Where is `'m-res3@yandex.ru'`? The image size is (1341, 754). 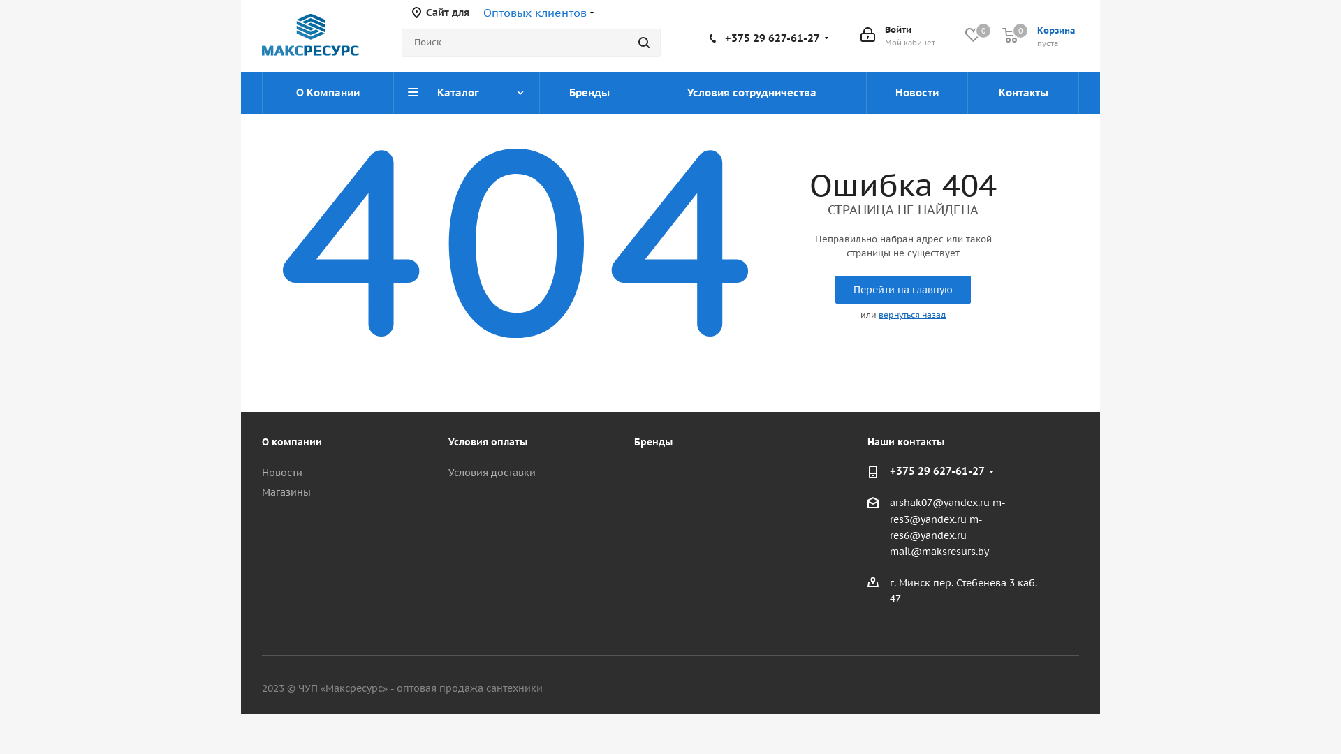
'm-res3@yandex.ru' is located at coordinates (948, 511).